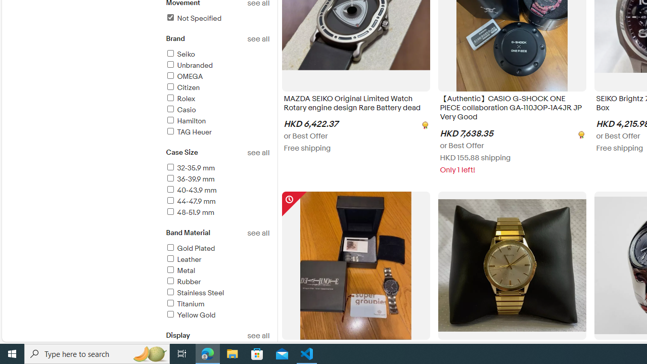 The image size is (647, 364). What do you see at coordinates (183, 282) in the screenshot?
I see `'Rubber'` at bounding box center [183, 282].